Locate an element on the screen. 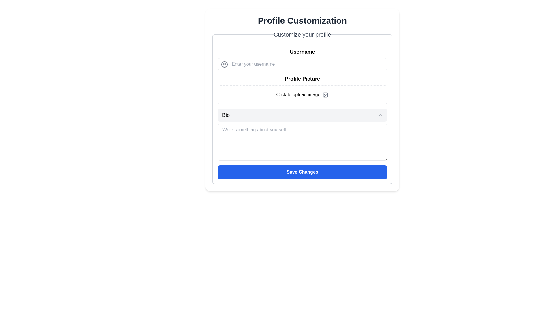  the circular user silhouette icon, which is light gray and located to the left of the 'Enter your username' input box at the top of the form is located at coordinates (224, 64).